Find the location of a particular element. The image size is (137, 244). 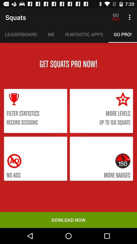

the item above the get squats pro item is located at coordinates (21, 34).